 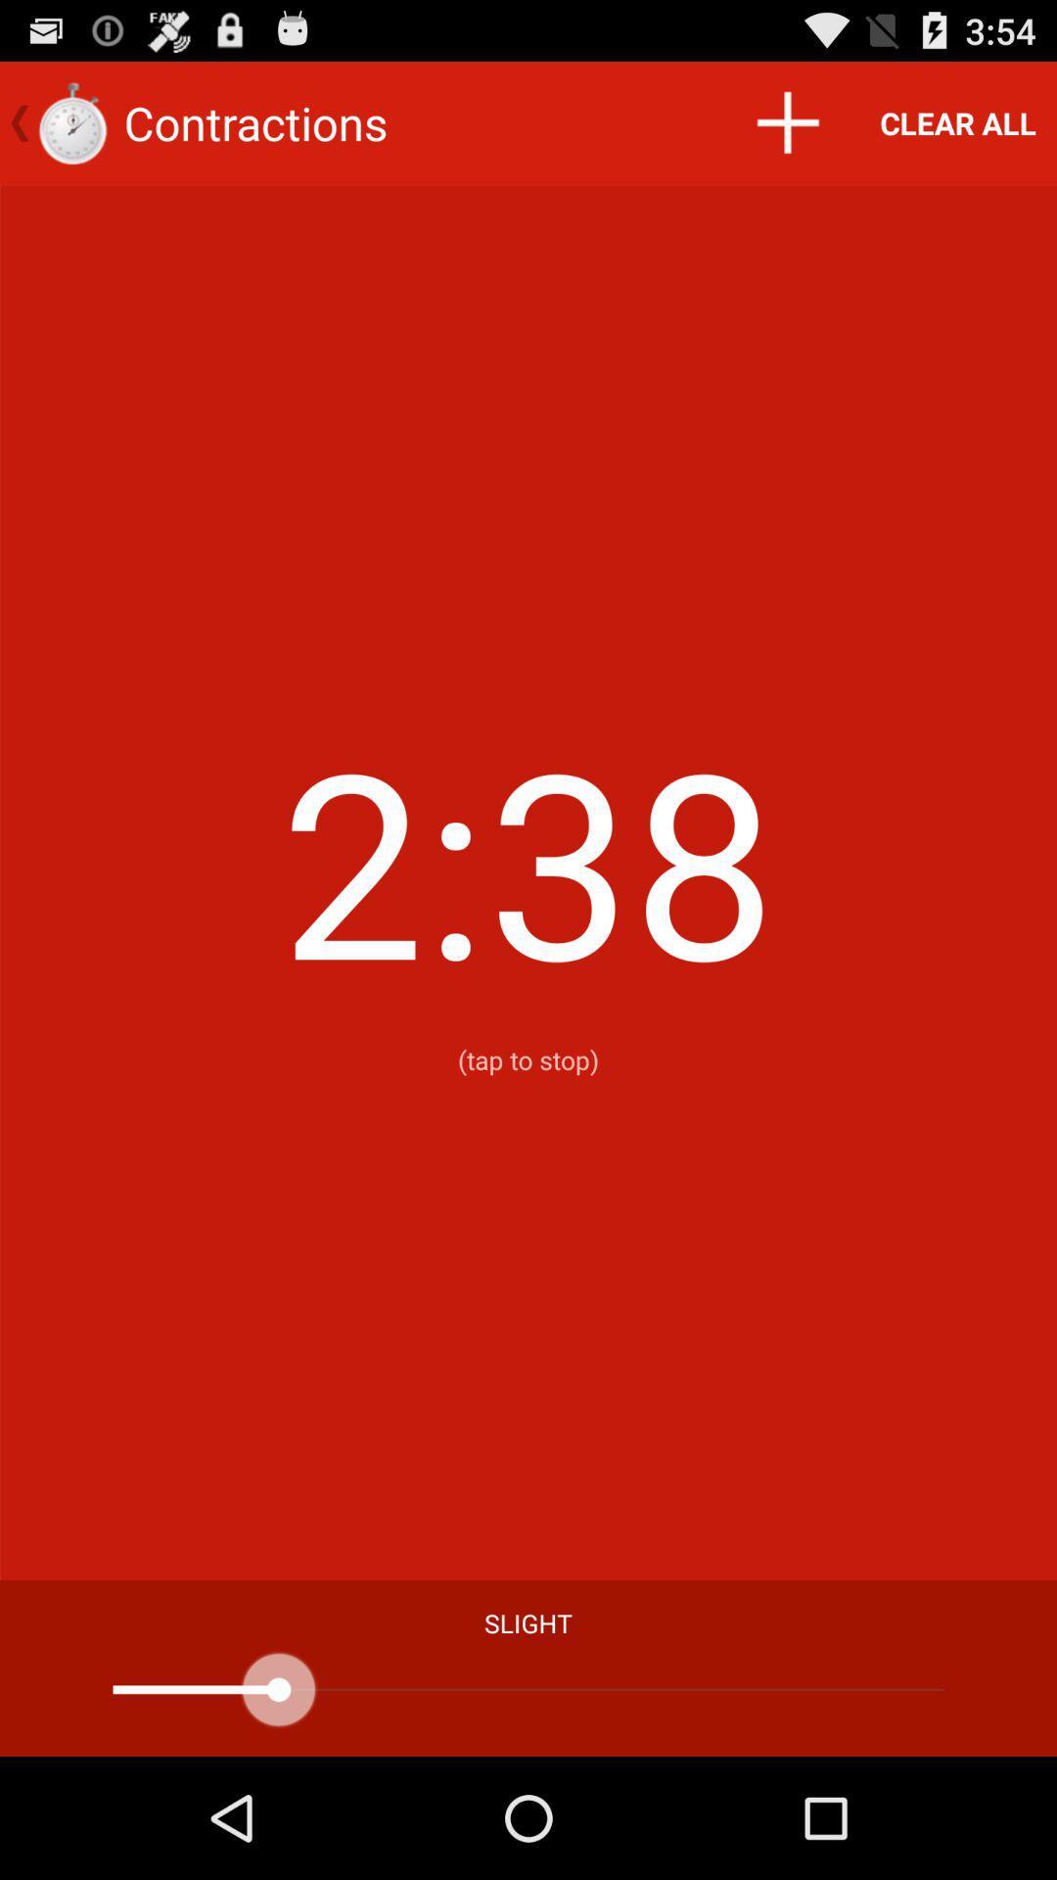 What do you see at coordinates (957, 121) in the screenshot?
I see `app above (tap to stop) icon` at bounding box center [957, 121].